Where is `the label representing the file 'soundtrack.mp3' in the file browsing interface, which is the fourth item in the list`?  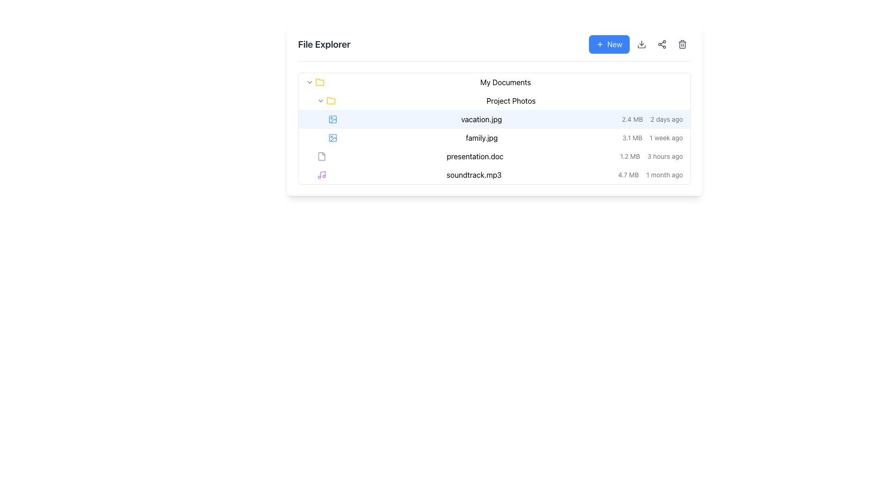
the label representing the file 'soundtrack.mp3' in the file browsing interface, which is the fourth item in the list is located at coordinates (474, 175).